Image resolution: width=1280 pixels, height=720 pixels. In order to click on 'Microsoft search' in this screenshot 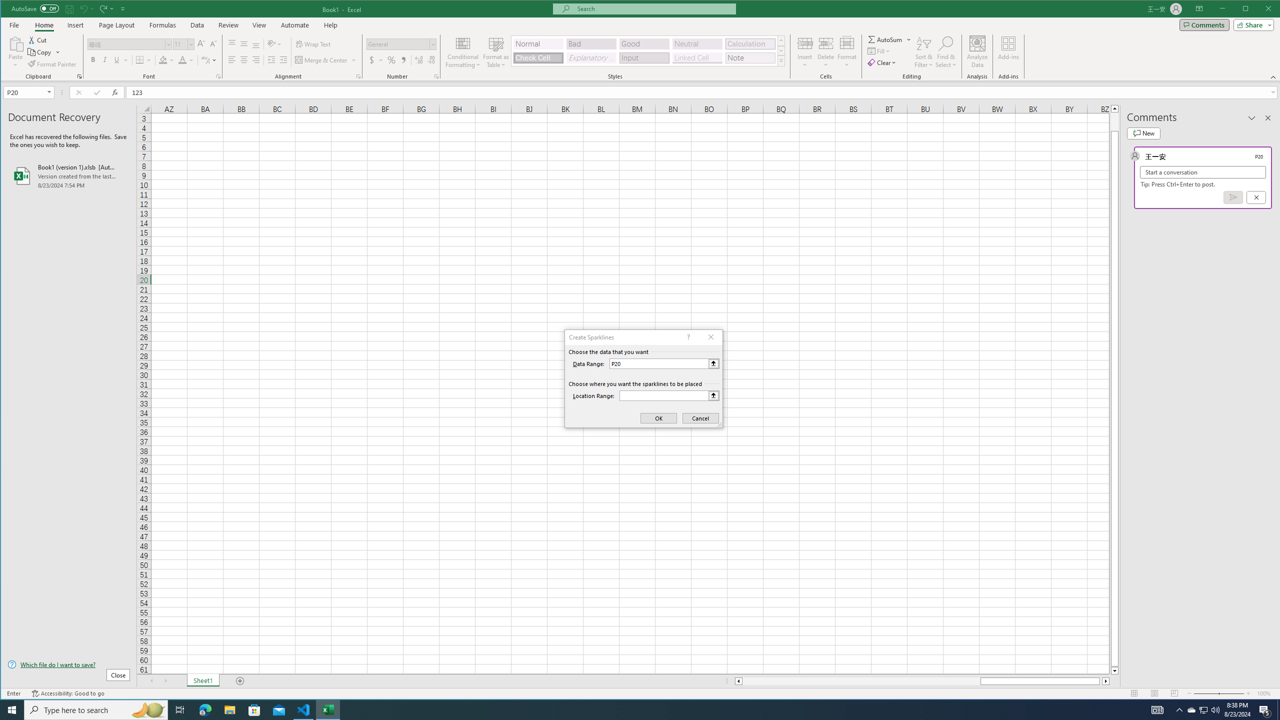, I will do `click(652, 9)`.